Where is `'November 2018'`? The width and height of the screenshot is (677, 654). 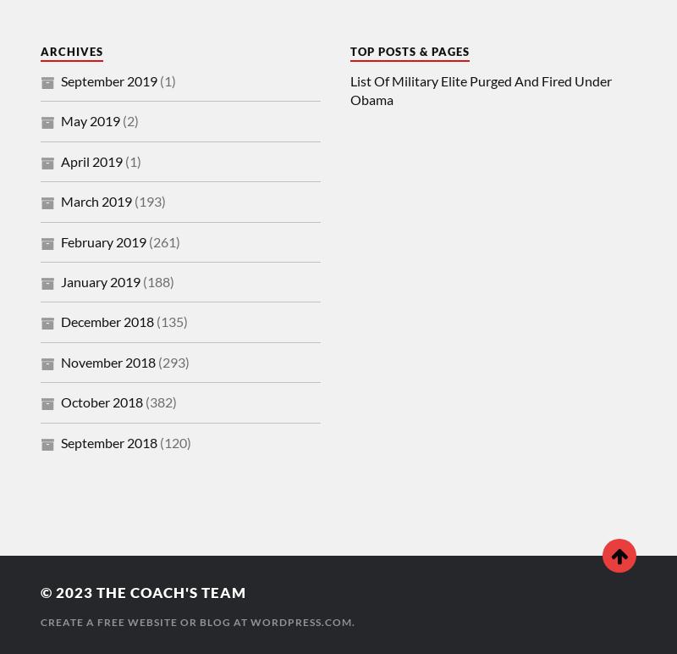 'November 2018' is located at coordinates (61, 360).